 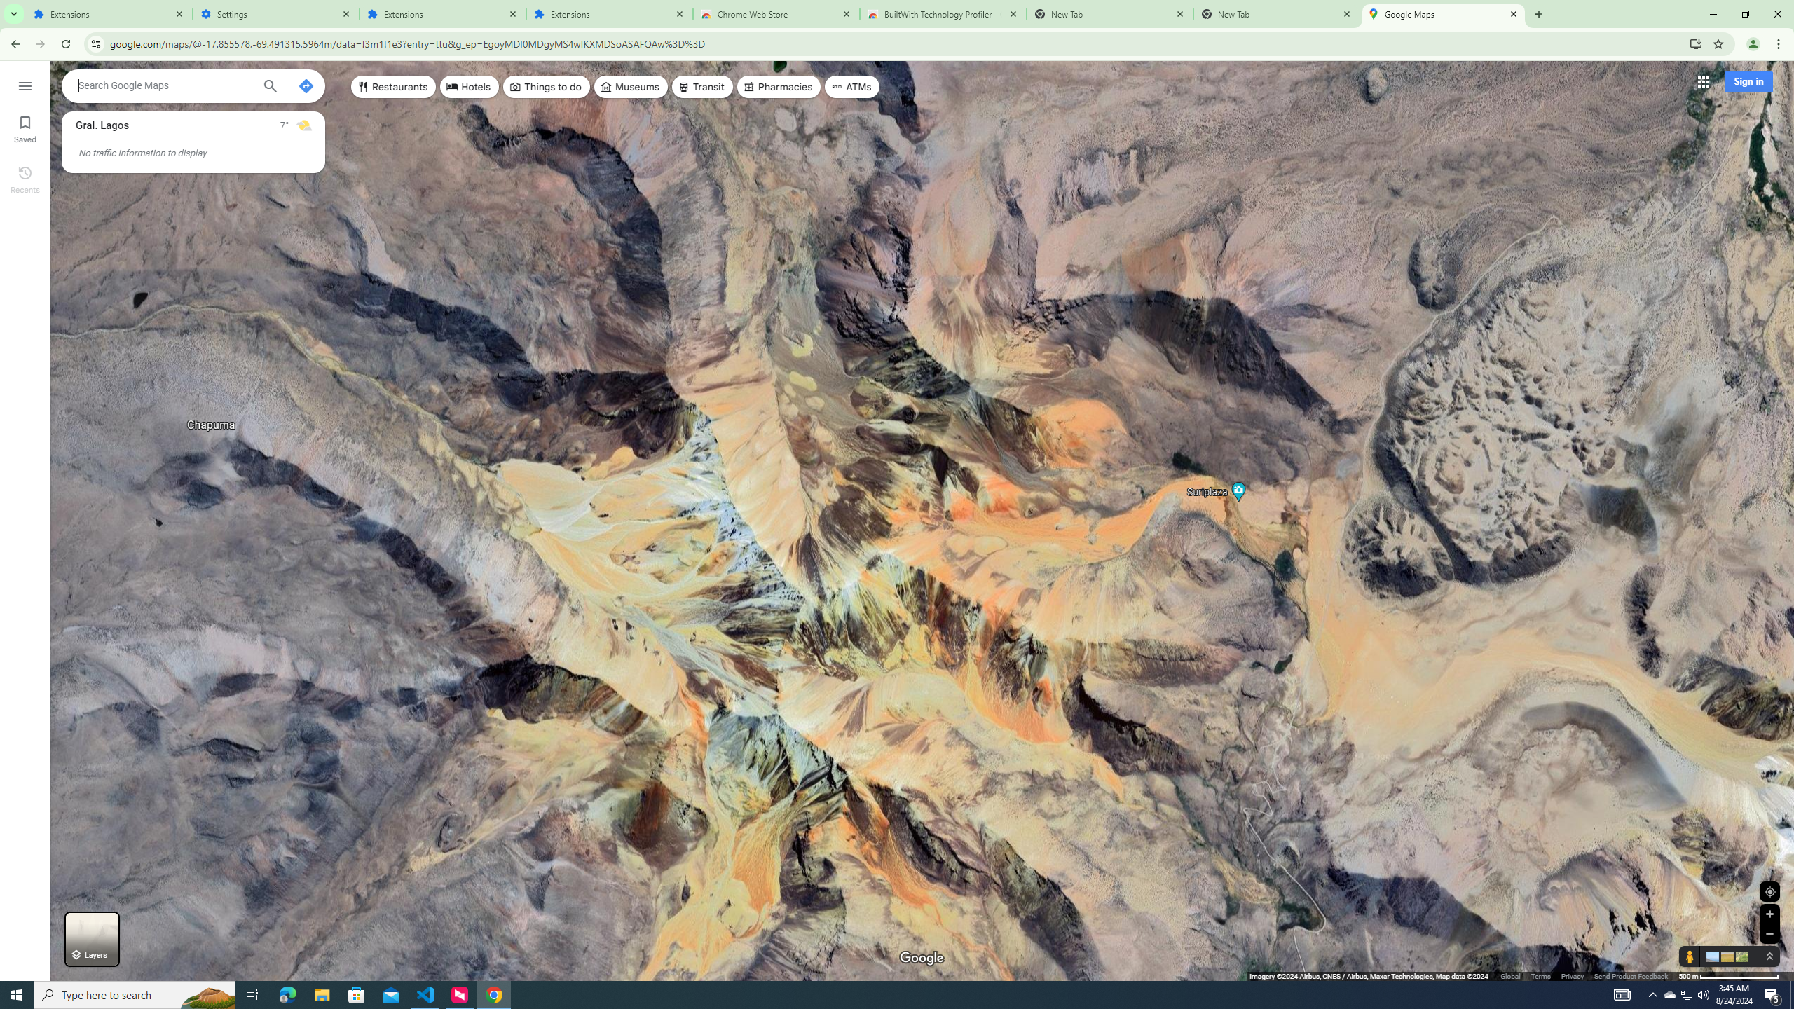 I want to click on 'Global', so click(x=1510, y=976).